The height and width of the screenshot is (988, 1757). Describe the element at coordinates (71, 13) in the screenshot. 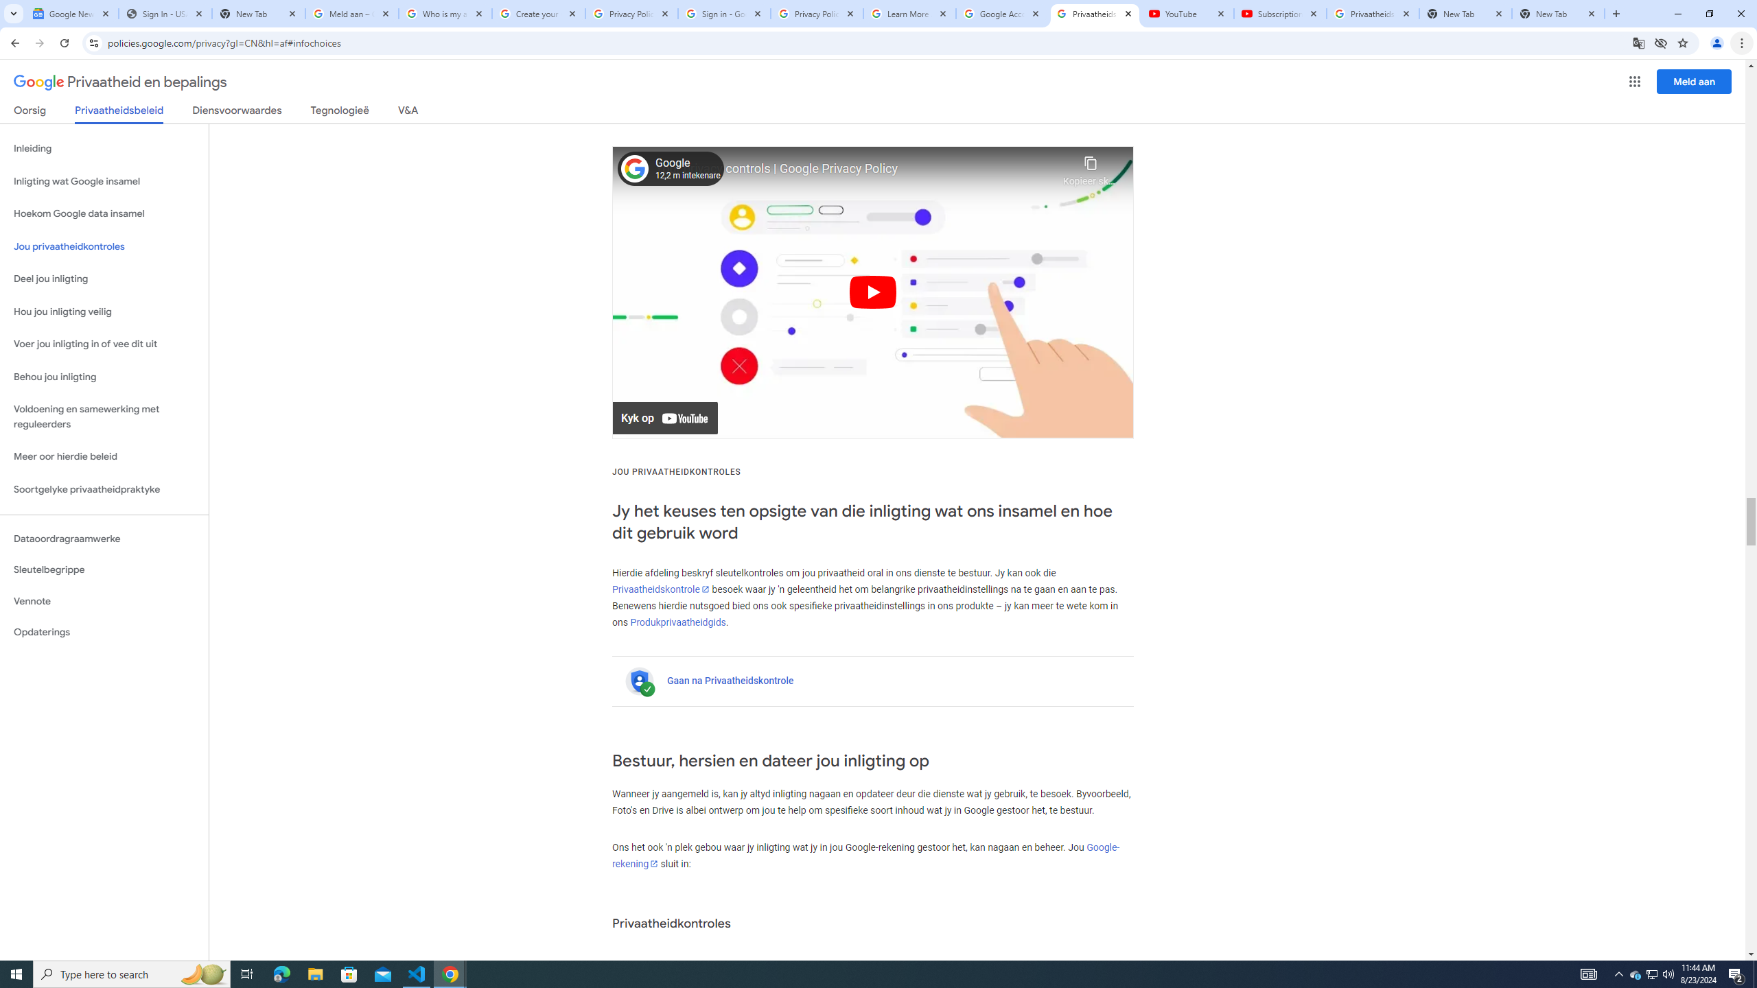

I see `'Google News'` at that location.